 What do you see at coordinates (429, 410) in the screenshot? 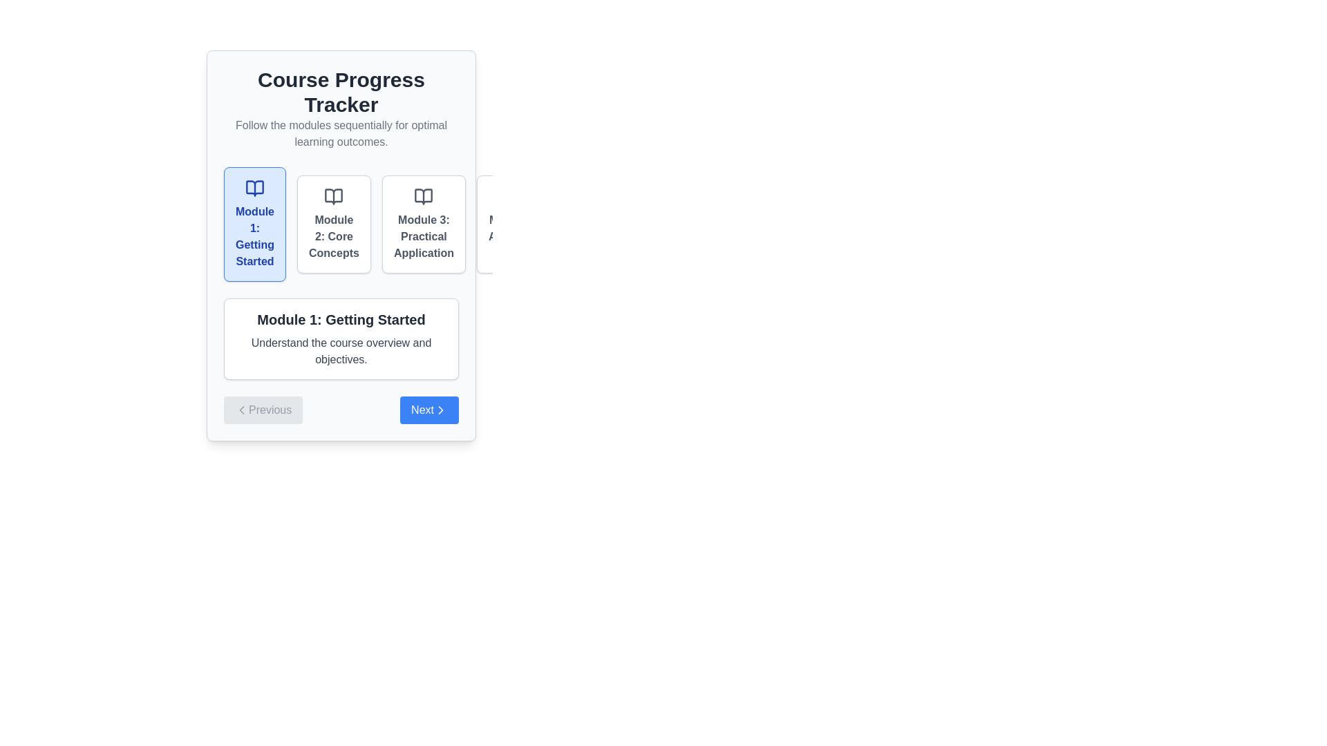
I see `the blue 'Next' button with rounded corners, which contains the text 'Next' and a rightward-facing arrow icon, to observe any hover effect` at bounding box center [429, 410].